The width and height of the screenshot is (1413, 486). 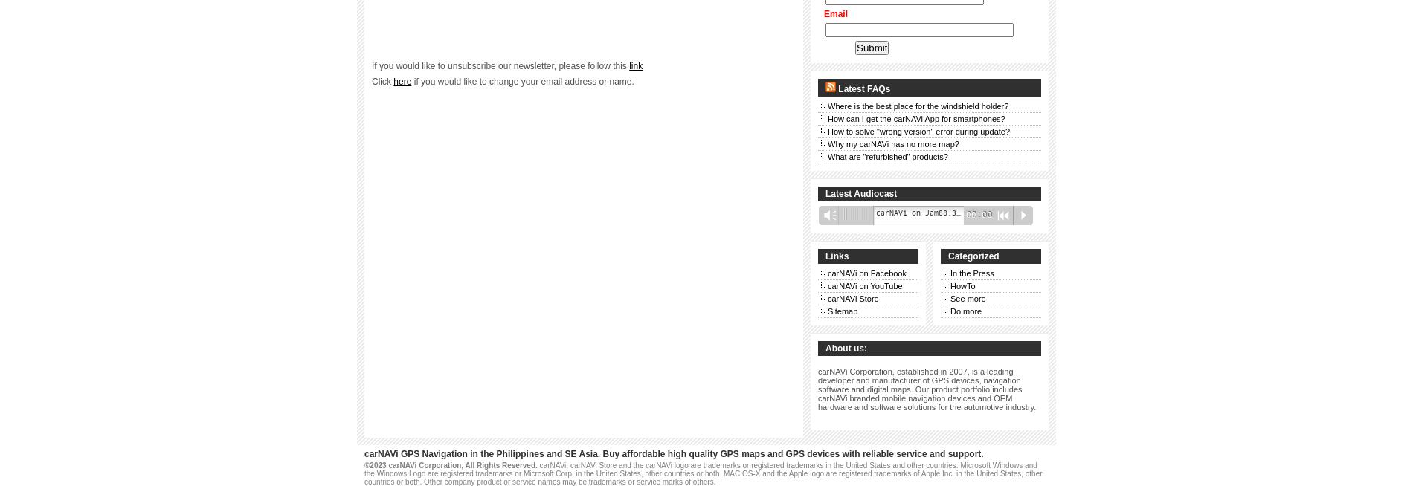 What do you see at coordinates (853, 298) in the screenshot?
I see `'carNAVi Store'` at bounding box center [853, 298].